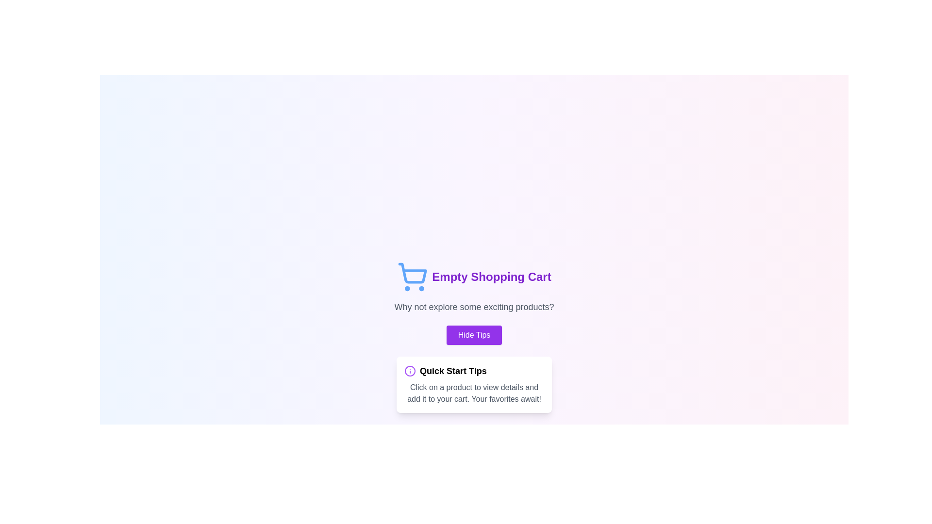 The image size is (932, 524). What do you see at coordinates (491, 277) in the screenshot?
I see `the text label displaying 'Empty Shopping Cart', which is styled in bold, large purple font and is centrally located above interactive content` at bounding box center [491, 277].